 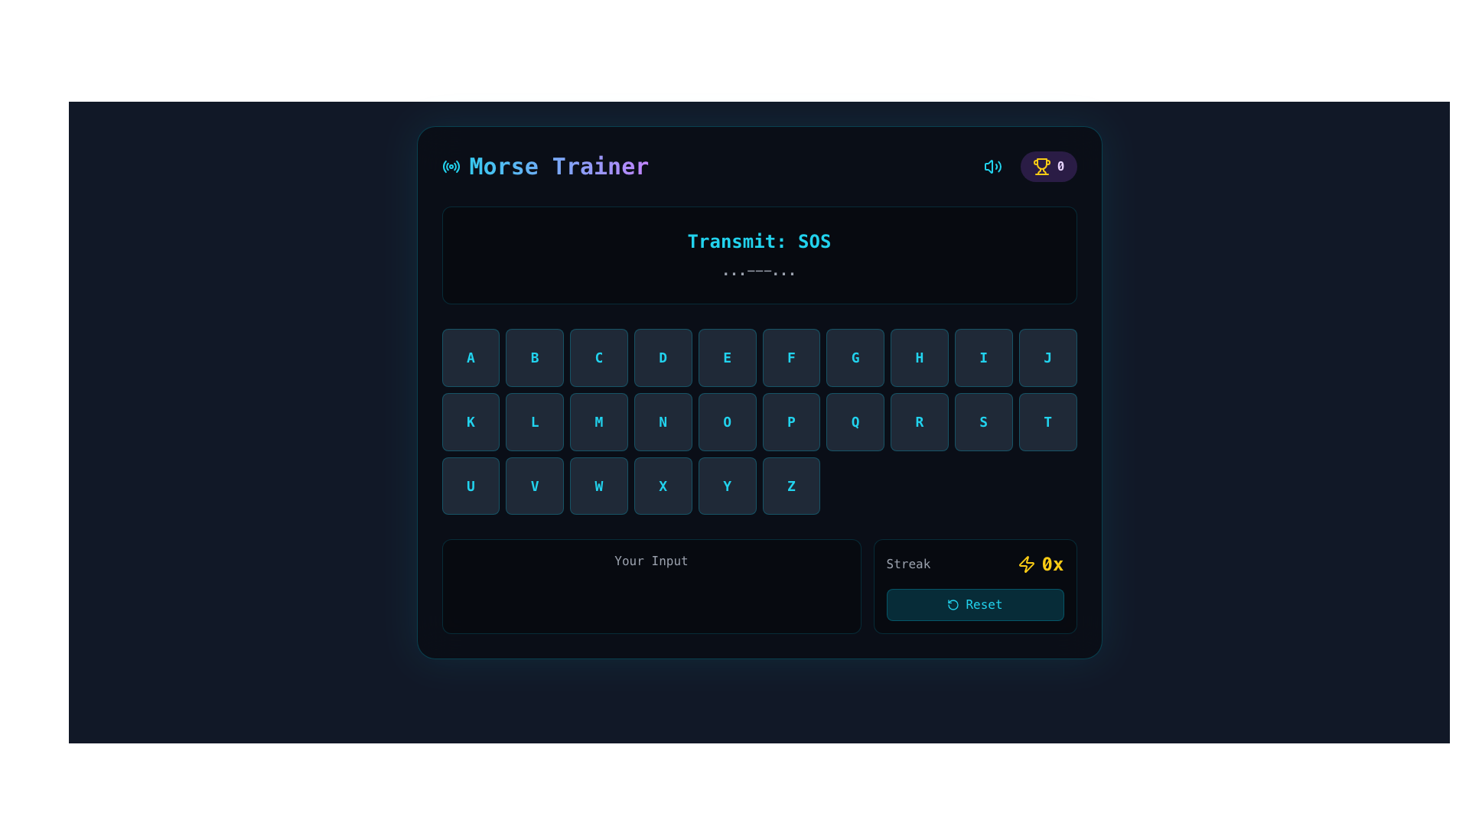 I want to click on the 'E' key in the virtual keyboard to input the letter 'E', so click(x=726, y=357).